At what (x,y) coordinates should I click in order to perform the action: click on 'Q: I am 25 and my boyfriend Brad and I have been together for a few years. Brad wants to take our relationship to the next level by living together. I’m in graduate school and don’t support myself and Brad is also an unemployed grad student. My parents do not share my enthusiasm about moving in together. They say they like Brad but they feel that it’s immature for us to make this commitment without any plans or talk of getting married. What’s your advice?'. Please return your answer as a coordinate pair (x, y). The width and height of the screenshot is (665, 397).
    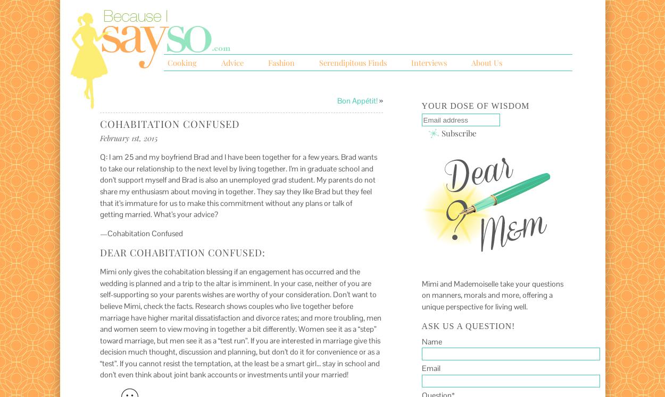
    Looking at the image, I should click on (237, 185).